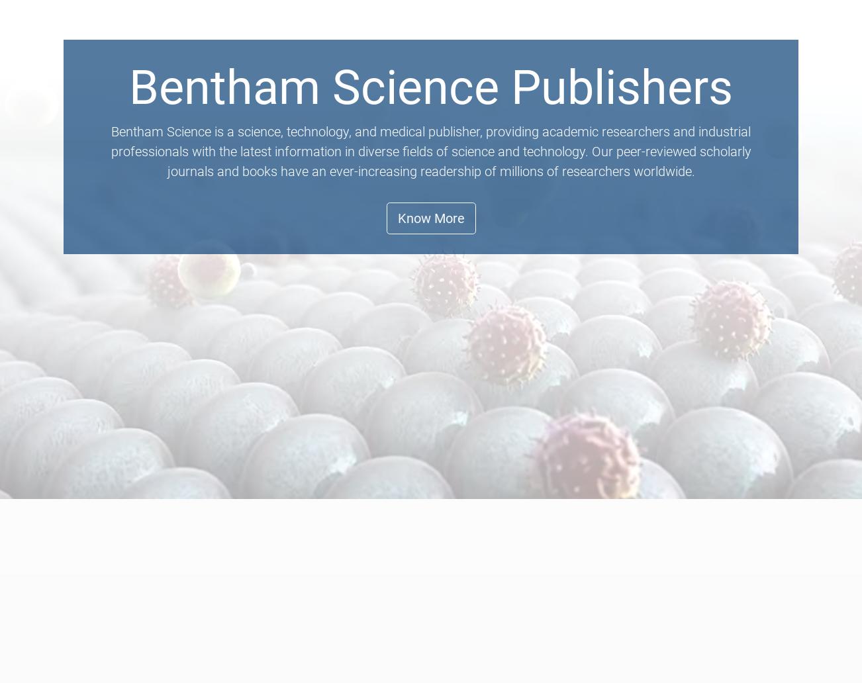  What do you see at coordinates (784, 28) in the screenshot?
I see `'0'` at bounding box center [784, 28].